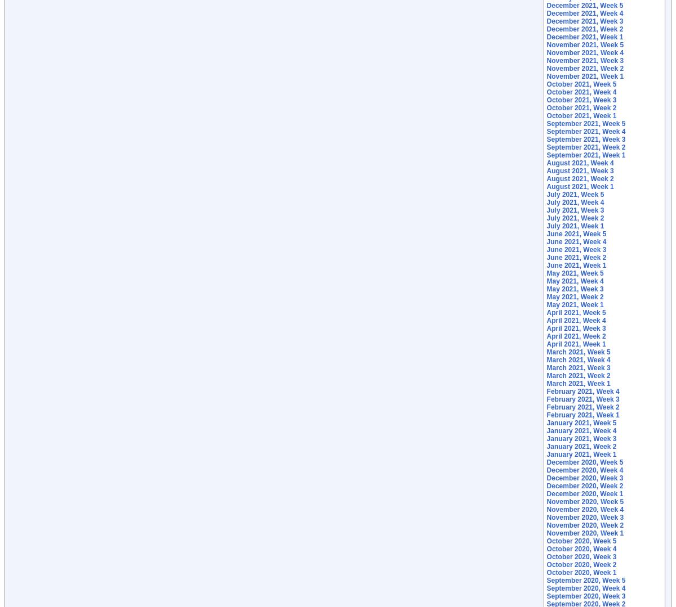  I want to click on 'October 2021, Week 1', so click(581, 115).